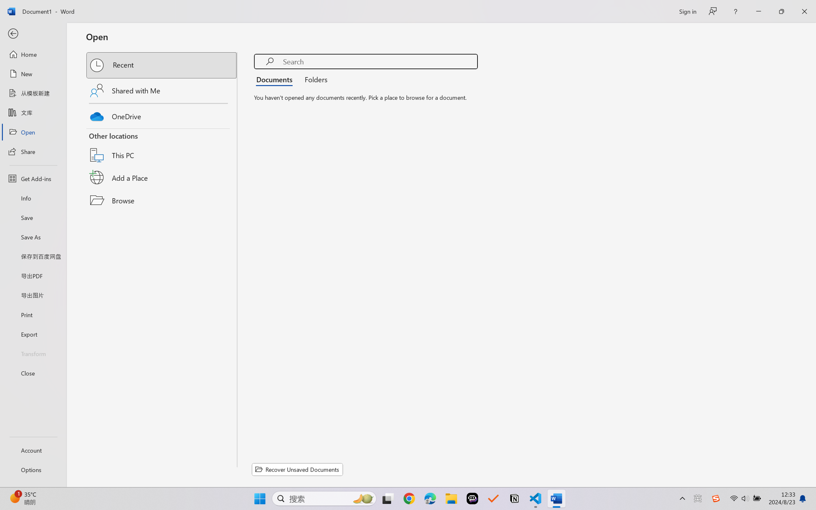  What do you see at coordinates (33, 315) in the screenshot?
I see `'Print'` at bounding box center [33, 315].